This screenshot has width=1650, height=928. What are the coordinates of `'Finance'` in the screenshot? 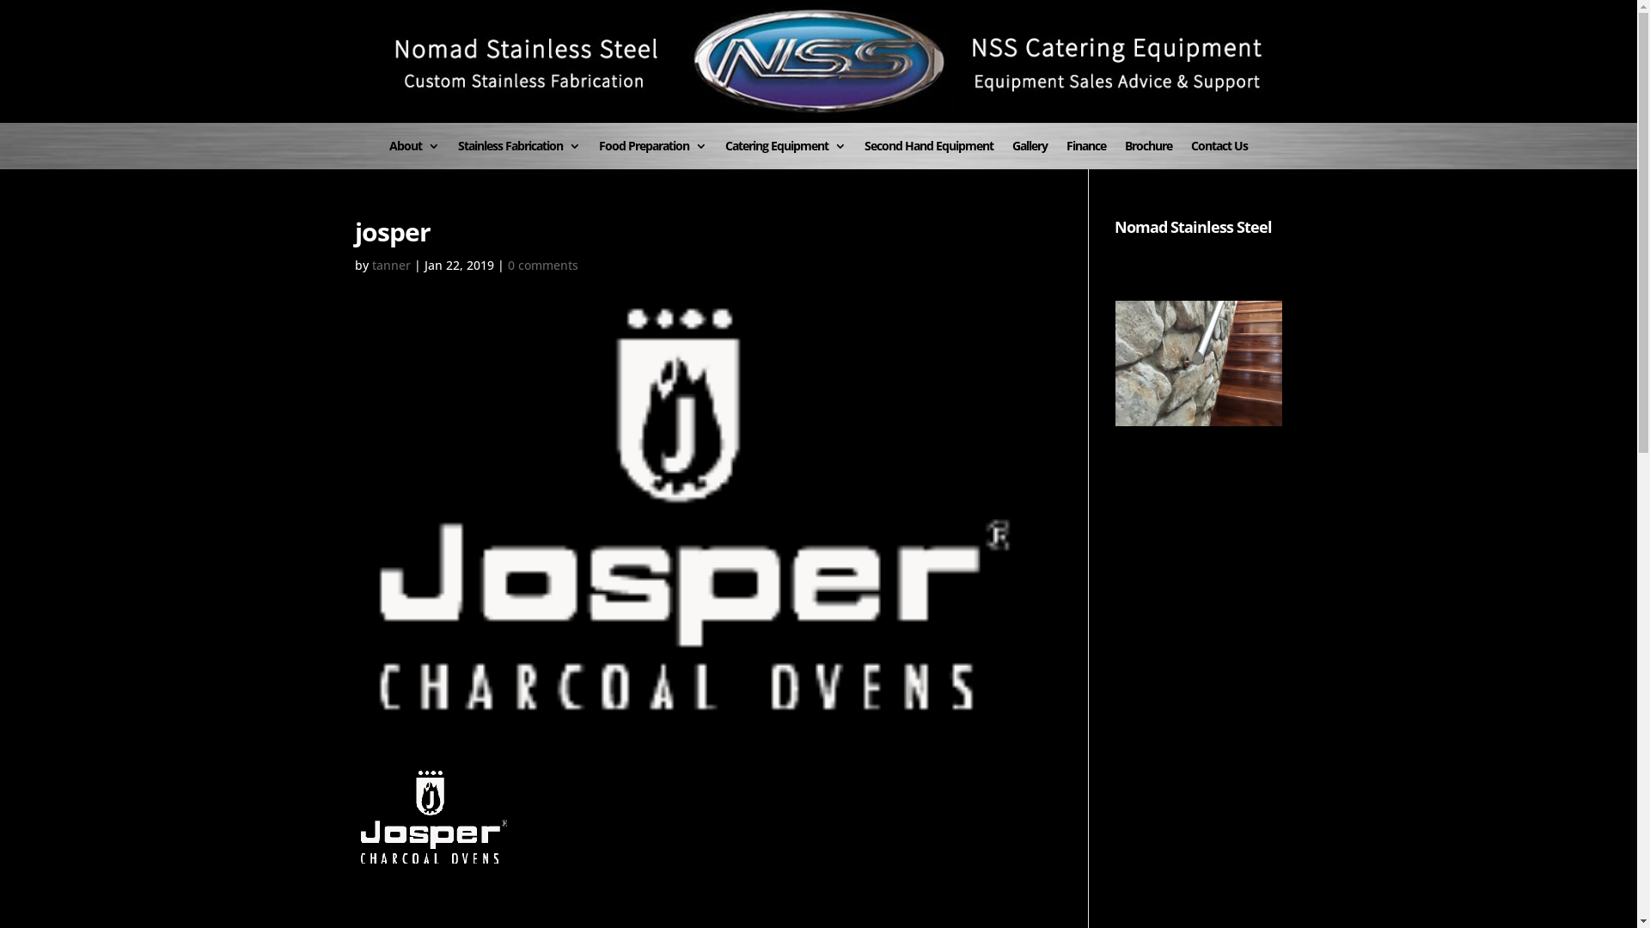 It's located at (1085, 155).